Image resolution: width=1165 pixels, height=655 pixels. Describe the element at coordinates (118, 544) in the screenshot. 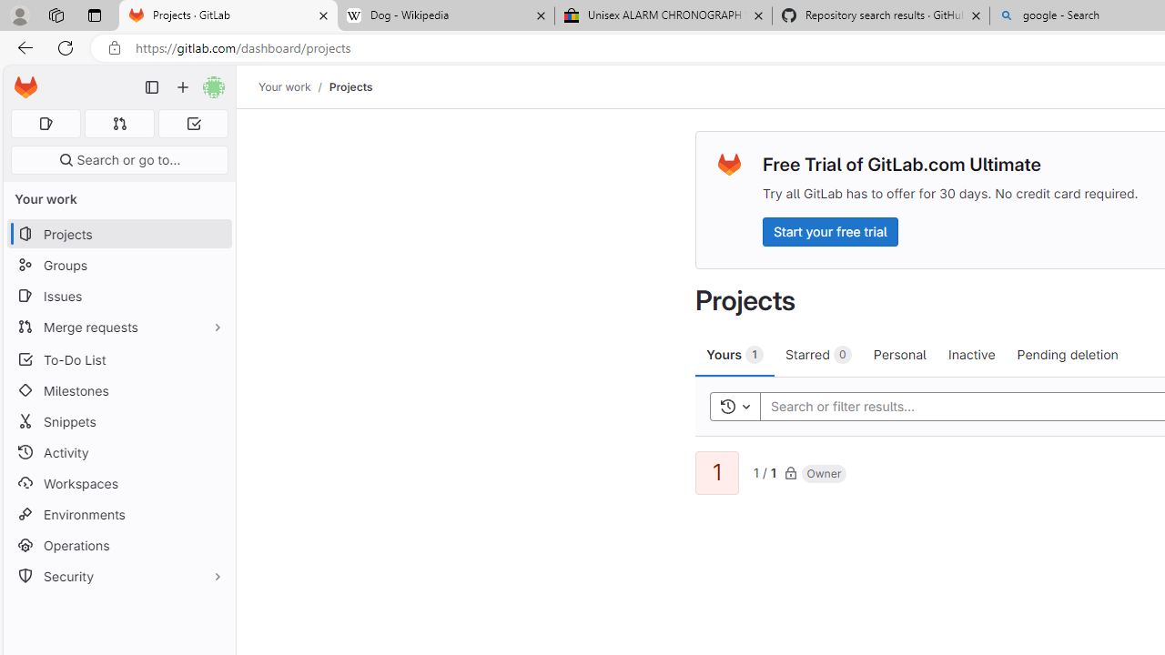

I see `'Operations'` at that location.